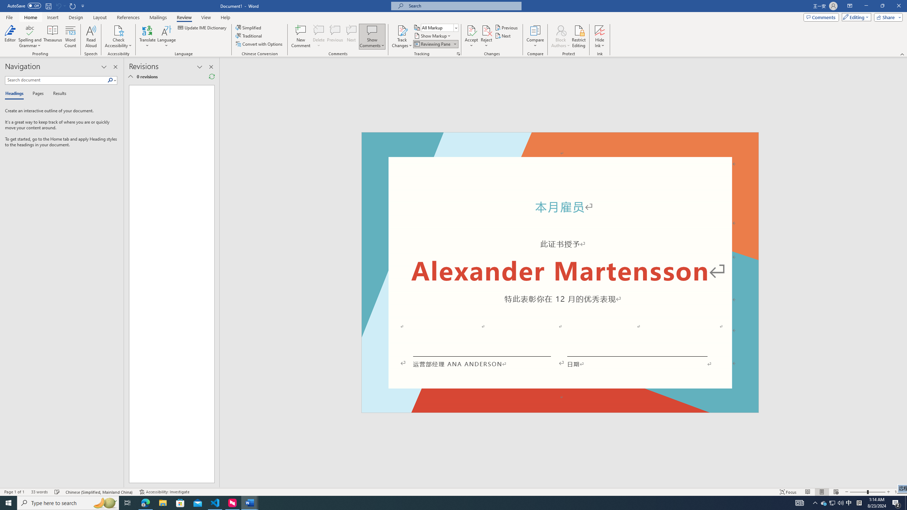 The image size is (907, 510). Describe the element at coordinates (560, 36) in the screenshot. I see `'Block Authors'` at that location.